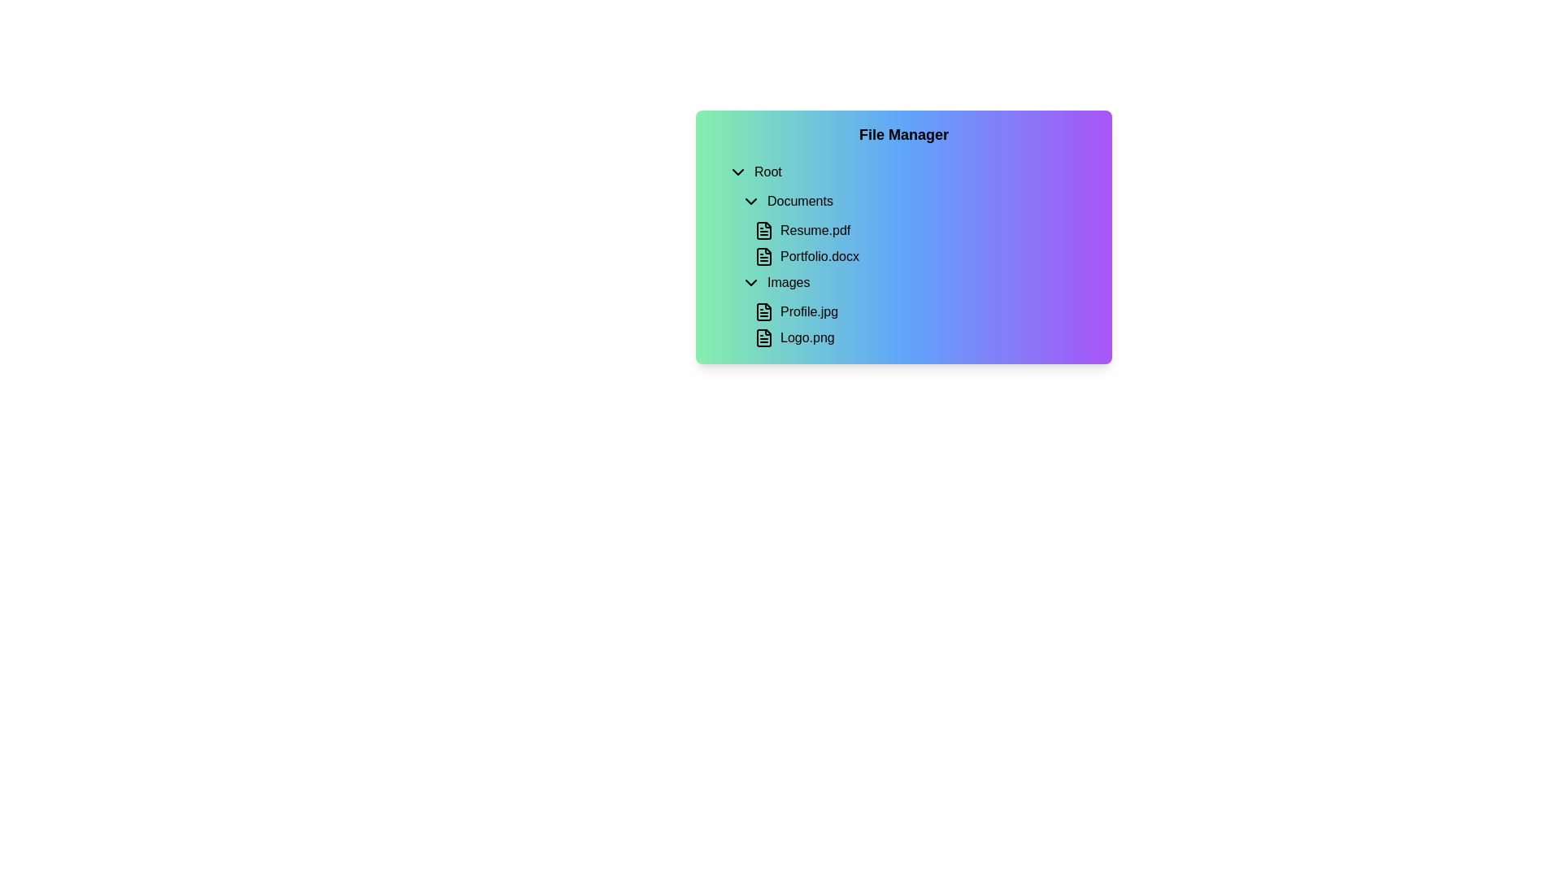 This screenshot has width=1561, height=878. What do you see at coordinates (917, 200) in the screenshot?
I see `the collapsible folder button located directly below the 'Root' folder` at bounding box center [917, 200].